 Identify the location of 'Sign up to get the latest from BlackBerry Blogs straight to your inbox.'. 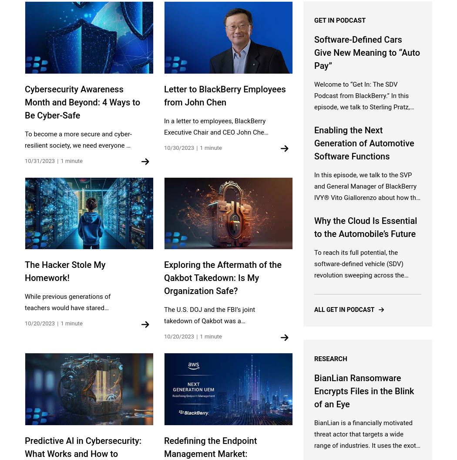
(228, 94).